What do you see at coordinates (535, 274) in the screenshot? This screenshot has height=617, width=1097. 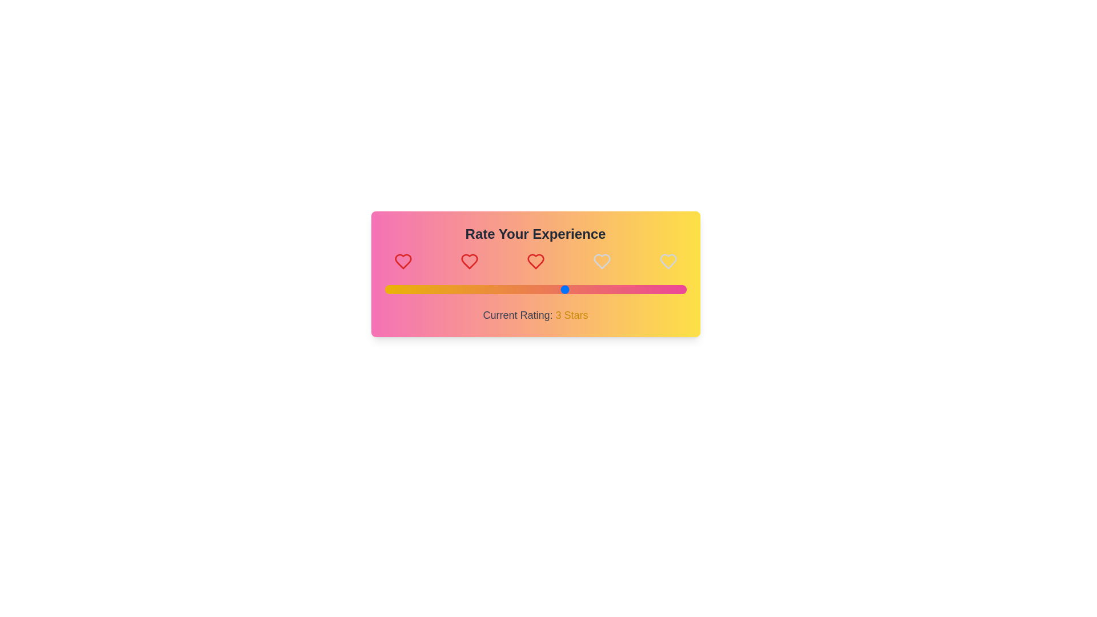 I see `the background gradient to interact with it` at bounding box center [535, 274].